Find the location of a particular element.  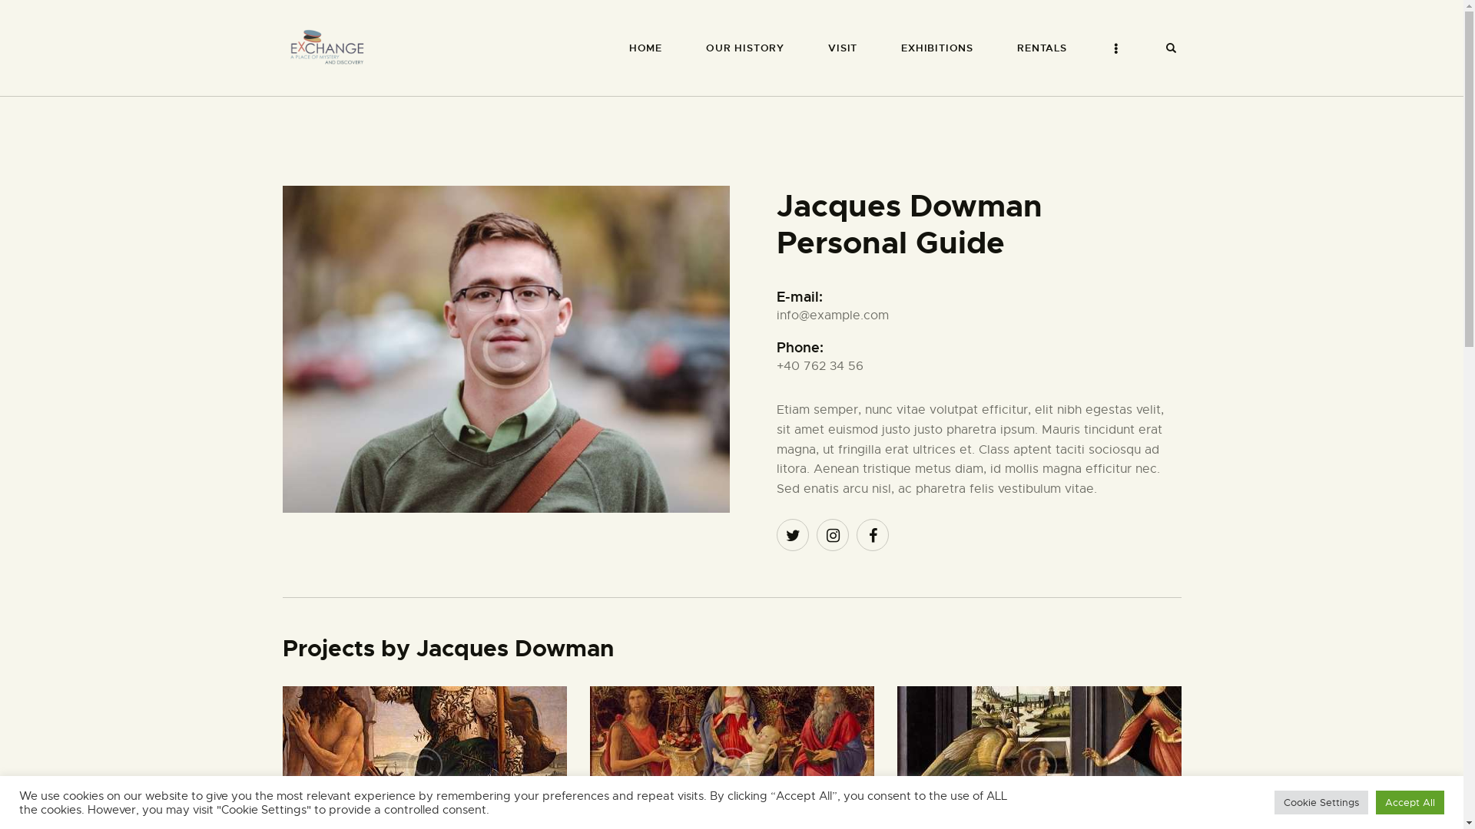

'RENTALS' is located at coordinates (1042, 47).